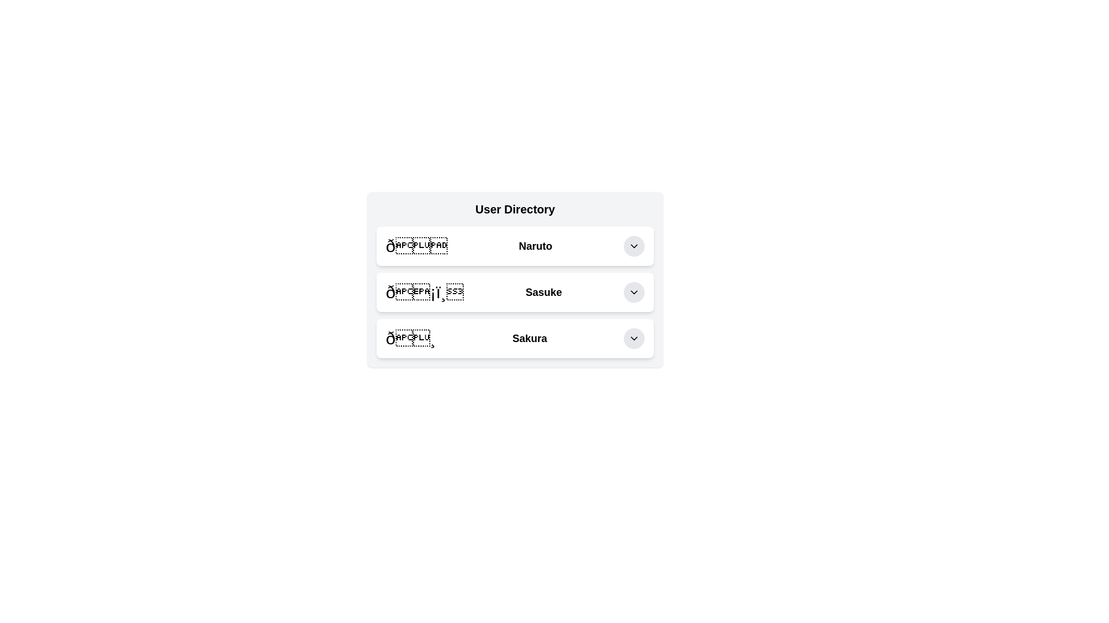 This screenshot has height=623, width=1109. What do you see at coordinates (424, 291) in the screenshot?
I see `the decorative emoji "🗡️" that precedes the user name "Sasuke" in the User Directory list` at bounding box center [424, 291].